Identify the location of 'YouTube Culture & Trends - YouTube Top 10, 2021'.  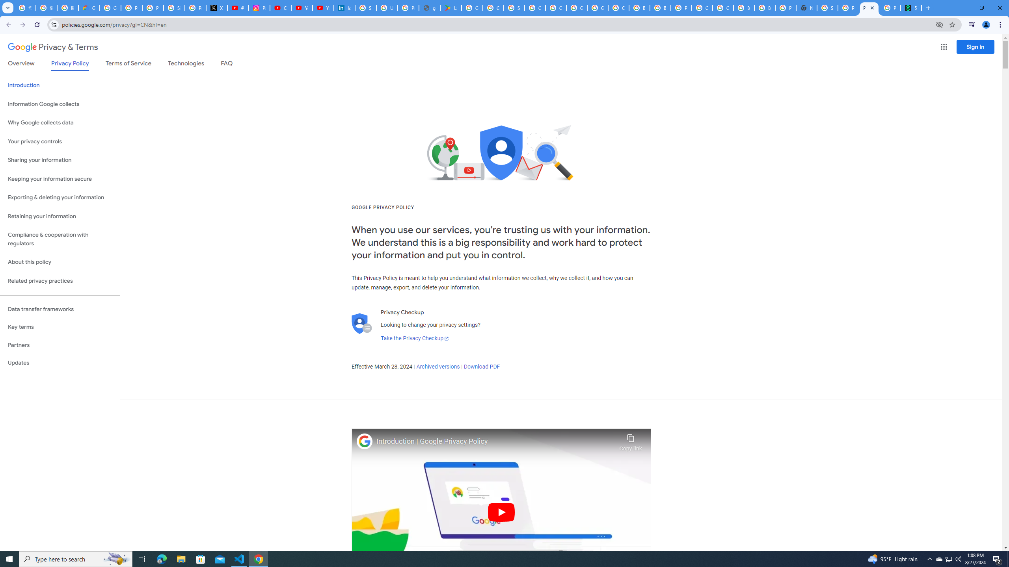
(323, 7).